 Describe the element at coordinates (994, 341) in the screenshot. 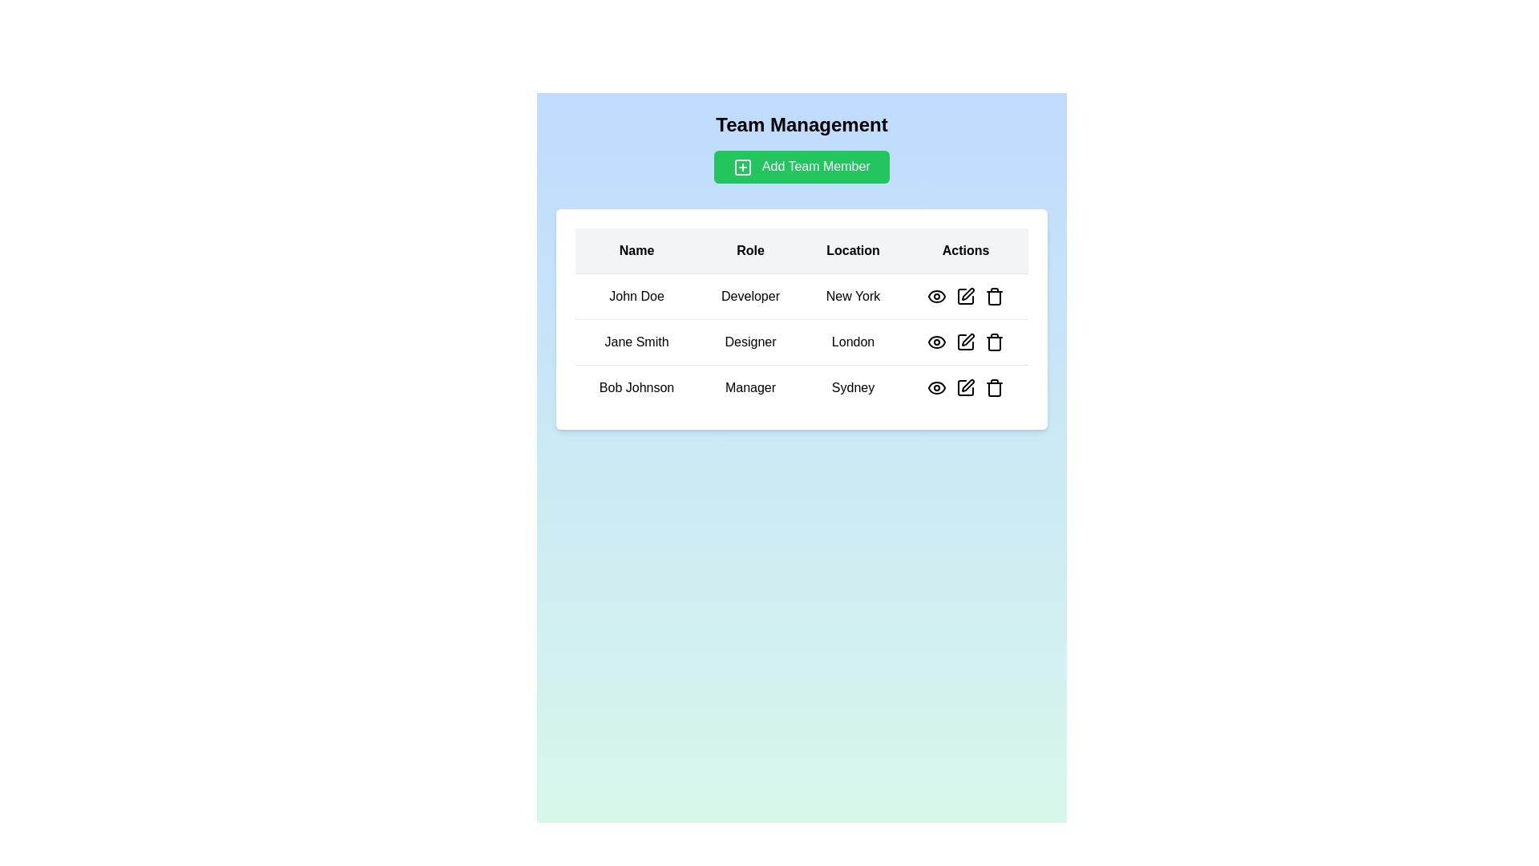

I see `the delete button in the 'Actions' column for the user 'Jane Smith'` at that location.